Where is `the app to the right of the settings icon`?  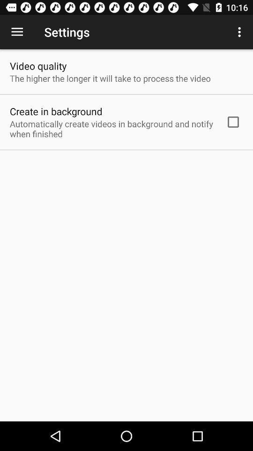
the app to the right of the settings icon is located at coordinates (240, 32).